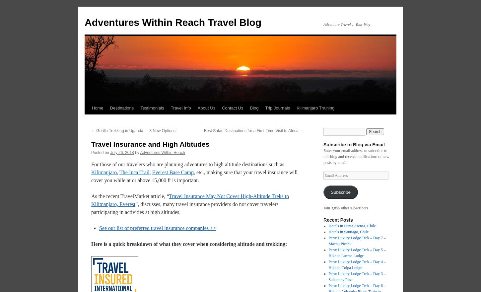 The image size is (481, 292). I want to click on 'Peru: Luxury Lodge Trek – Day 3 – Salkantay Pass', so click(357, 276).